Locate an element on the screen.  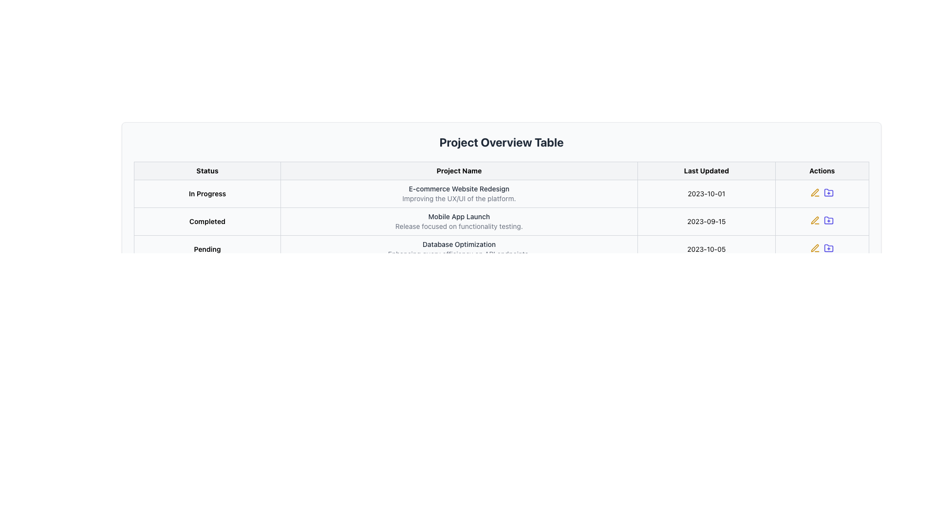
text contained in the 'Status' column for the row labeled 'E-commerce Website Redesign', which displays 'In Progress' is located at coordinates (206, 193).